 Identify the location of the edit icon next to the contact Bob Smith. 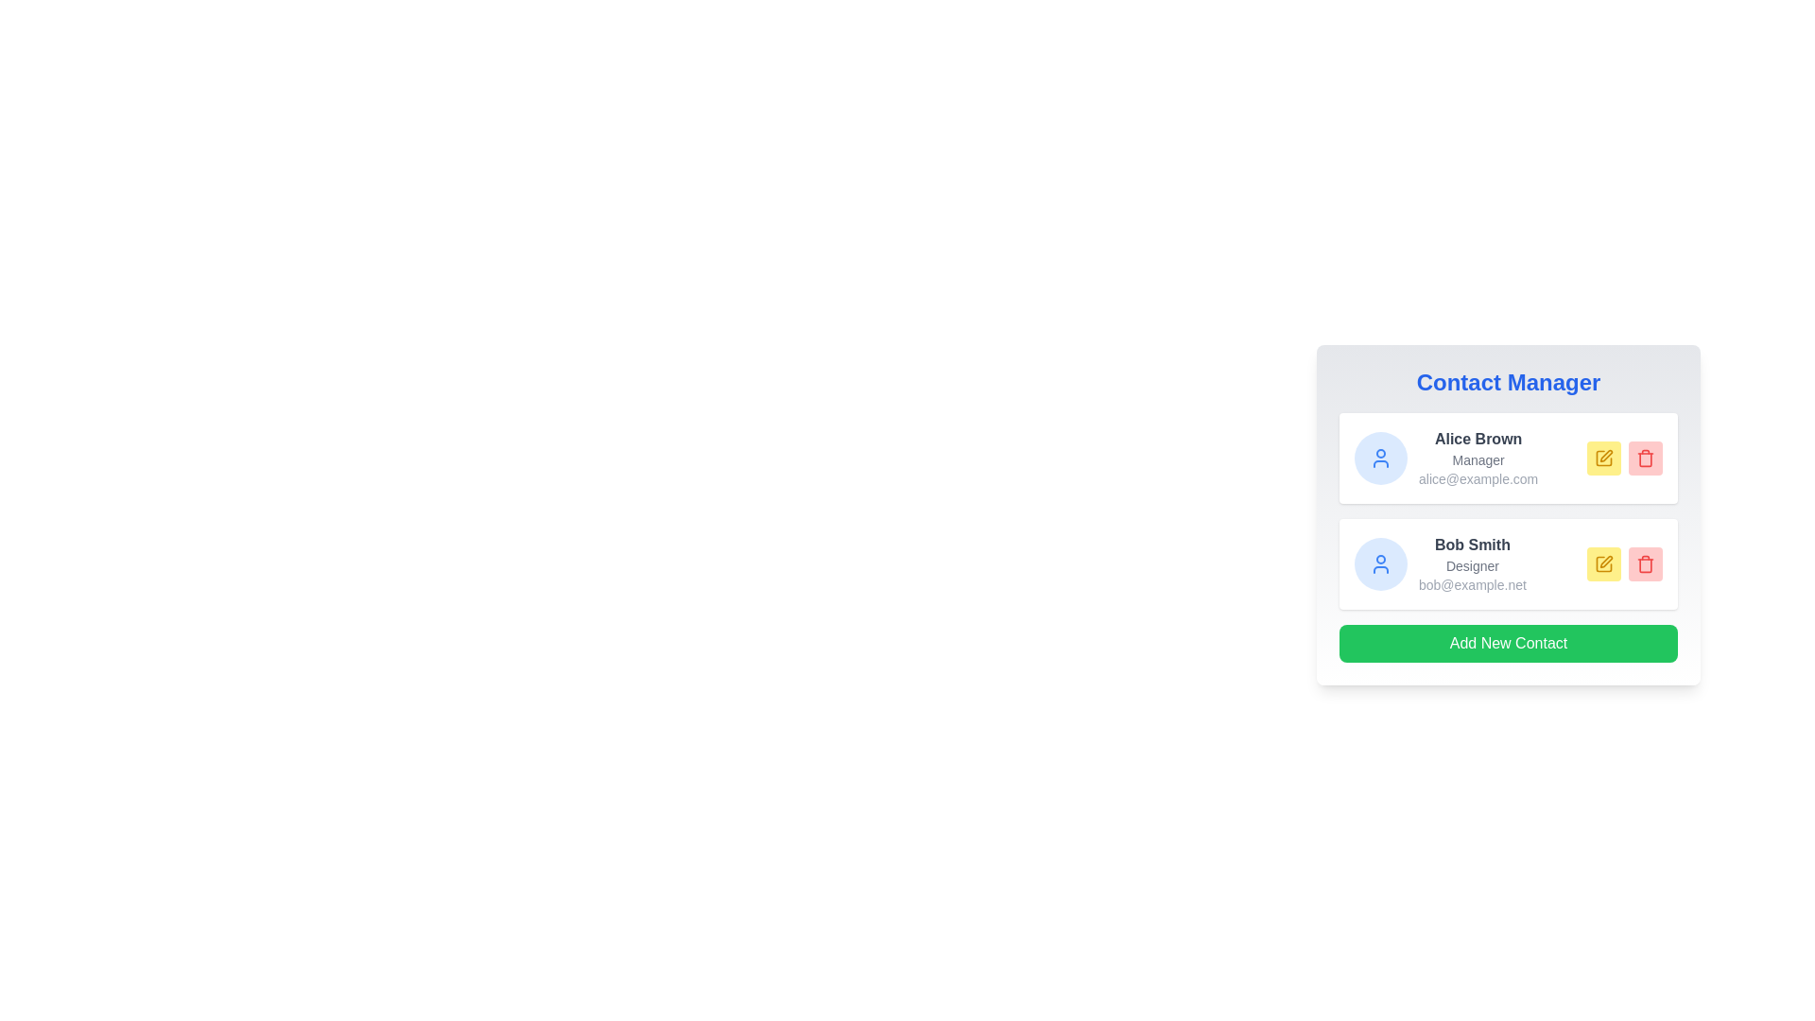
(1603, 563).